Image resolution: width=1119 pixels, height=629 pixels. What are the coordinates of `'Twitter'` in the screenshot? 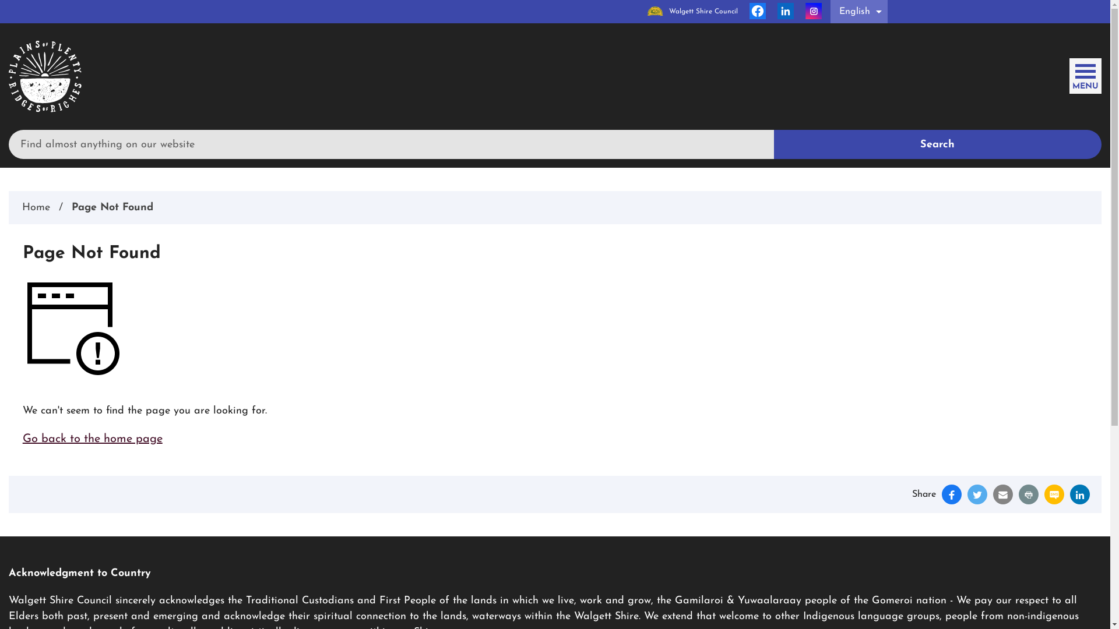 It's located at (977, 494).